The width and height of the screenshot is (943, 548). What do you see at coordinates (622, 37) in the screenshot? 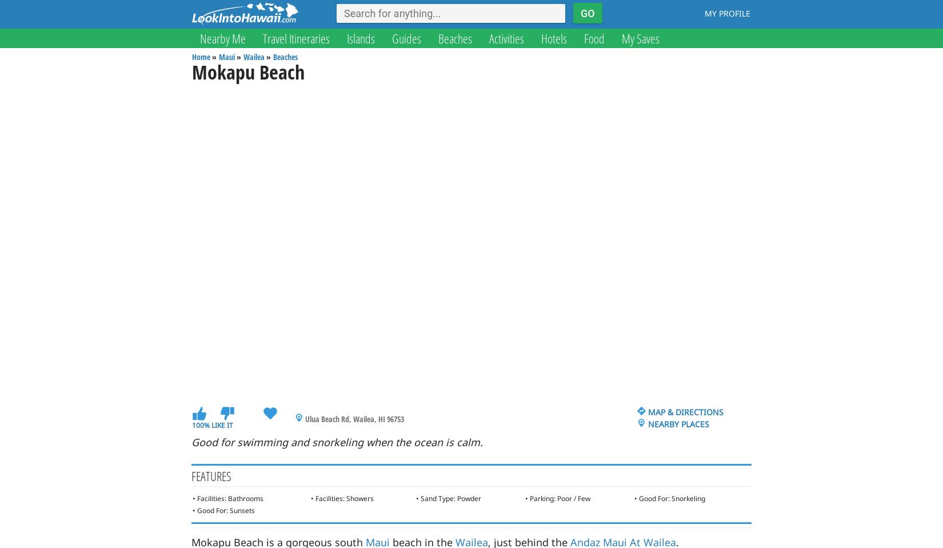
I see `'My Saves'` at bounding box center [622, 37].